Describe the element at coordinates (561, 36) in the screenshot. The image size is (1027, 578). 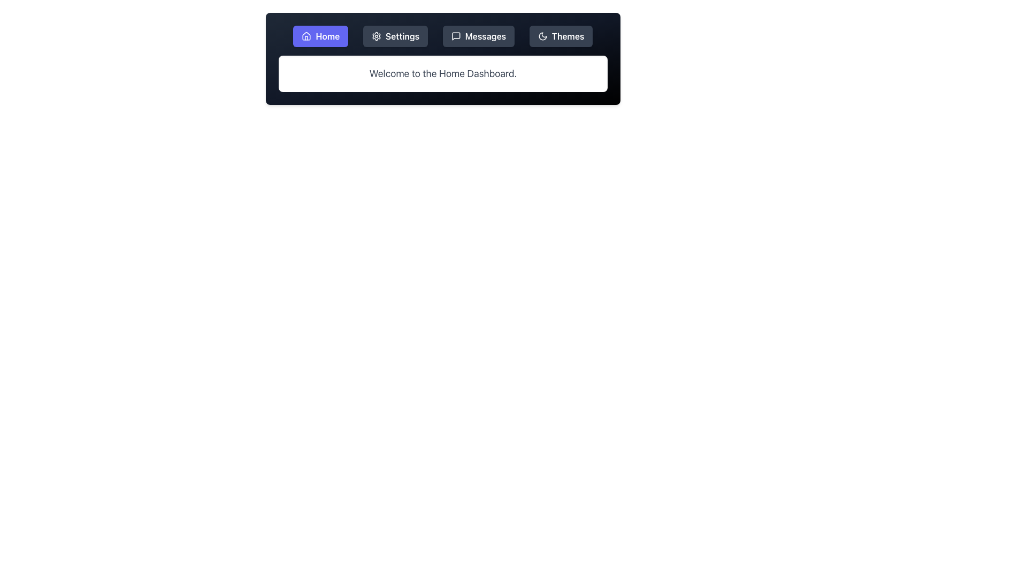
I see `the theme selection button located on the top navigation bar to the far right, next to the 'Messages' button, which features a crescent moon icon` at that location.